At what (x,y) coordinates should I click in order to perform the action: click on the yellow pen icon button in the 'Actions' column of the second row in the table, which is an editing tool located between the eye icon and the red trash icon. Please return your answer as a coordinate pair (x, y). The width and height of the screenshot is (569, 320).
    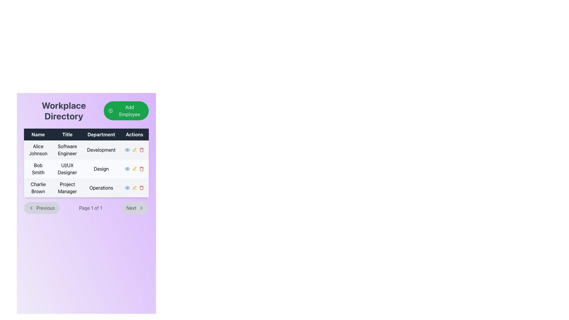
    Looking at the image, I should click on (134, 149).